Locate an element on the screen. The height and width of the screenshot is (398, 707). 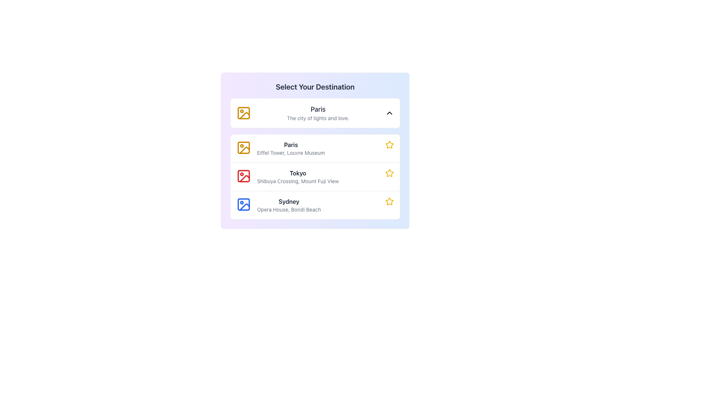
the third list item row featuring a blue image icon on the left, a bolded title 'Sydney', and a yellow star icon on the right is located at coordinates (315, 205).